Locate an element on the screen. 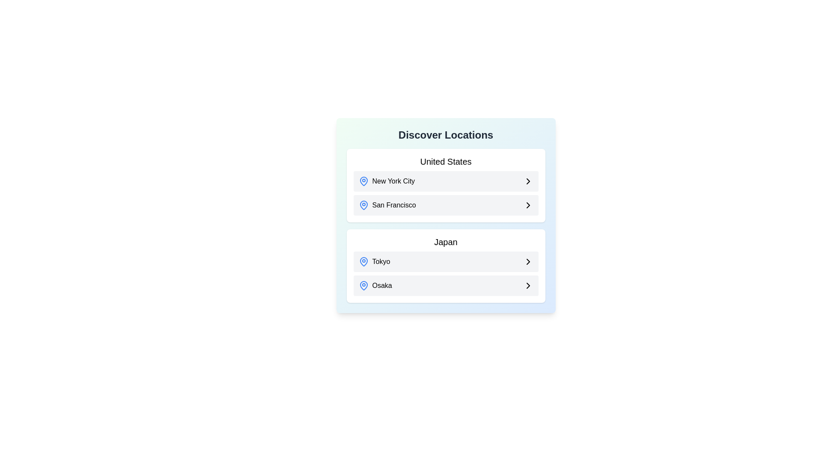  the rightward-pointing arrow icon styled with the 'lucide-chevron-right' class, located in the 'Japan' section next to the 'Tokyo' text is located at coordinates (527, 261).